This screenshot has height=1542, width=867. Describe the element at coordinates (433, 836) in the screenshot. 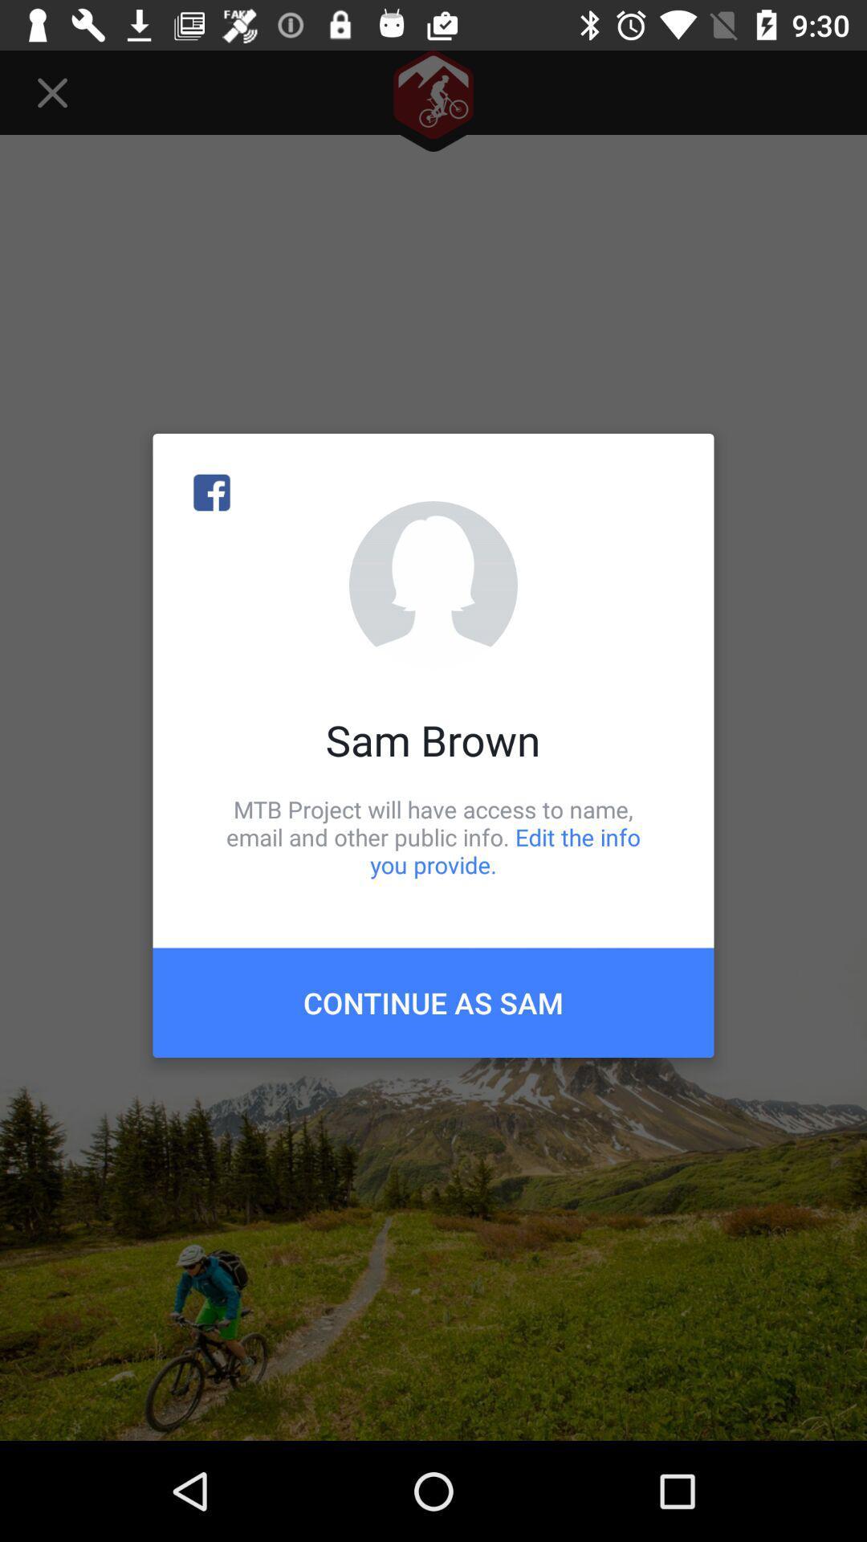

I see `mtb project will item` at that location.